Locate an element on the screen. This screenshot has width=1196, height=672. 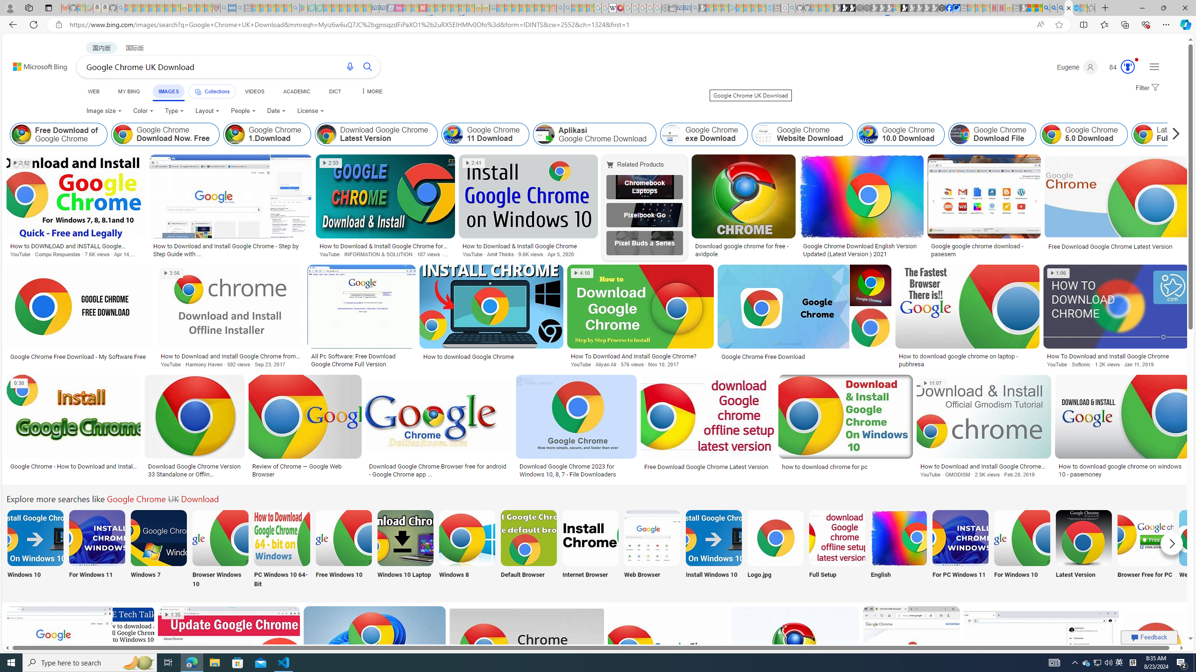
'Full Setup' is located at coordinates (837, 549).